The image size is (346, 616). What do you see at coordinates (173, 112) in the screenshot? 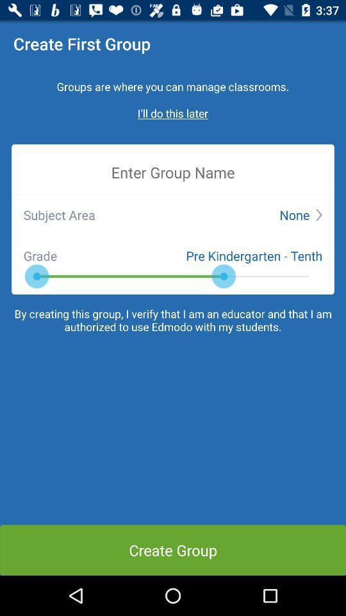
I see `the ill do this later` at bounding box center [173, 112].